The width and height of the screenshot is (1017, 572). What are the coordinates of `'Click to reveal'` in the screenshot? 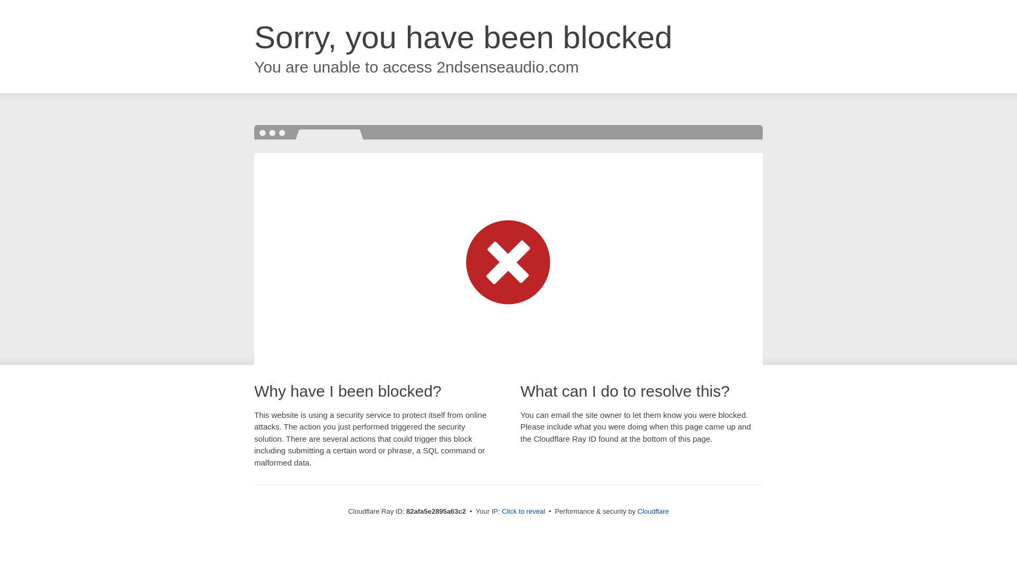 It's located at (523, 511).